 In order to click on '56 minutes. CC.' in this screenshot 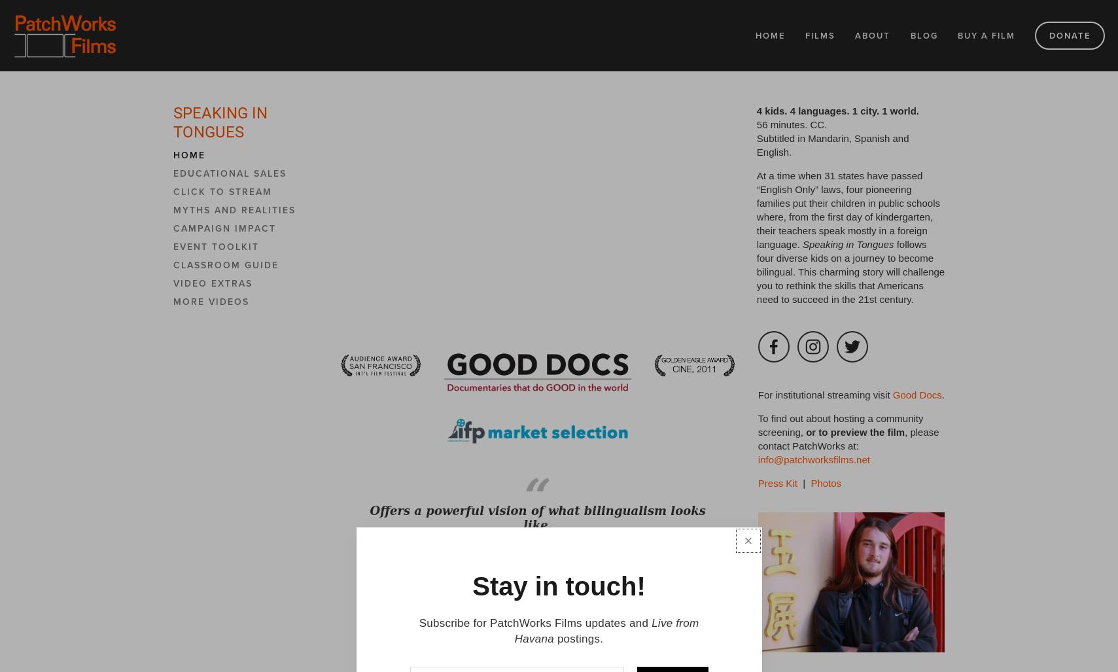, I will do `click(791, 124)`.